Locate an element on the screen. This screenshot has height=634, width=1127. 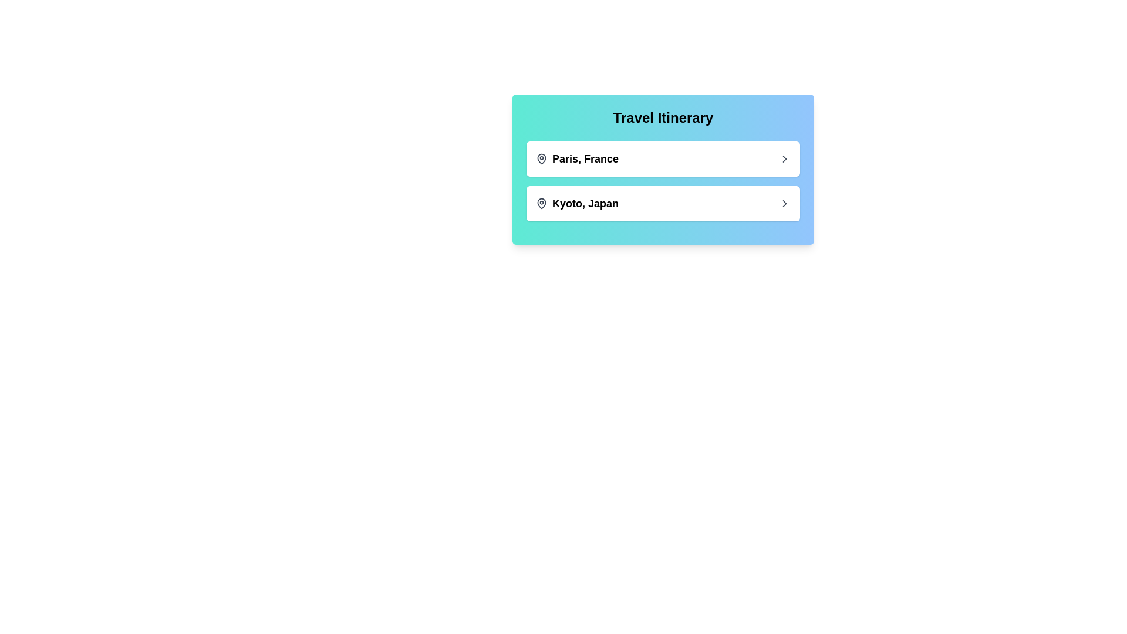
the first selectable list item labeled 'Paris, France' is located at coordinates (663, 158).